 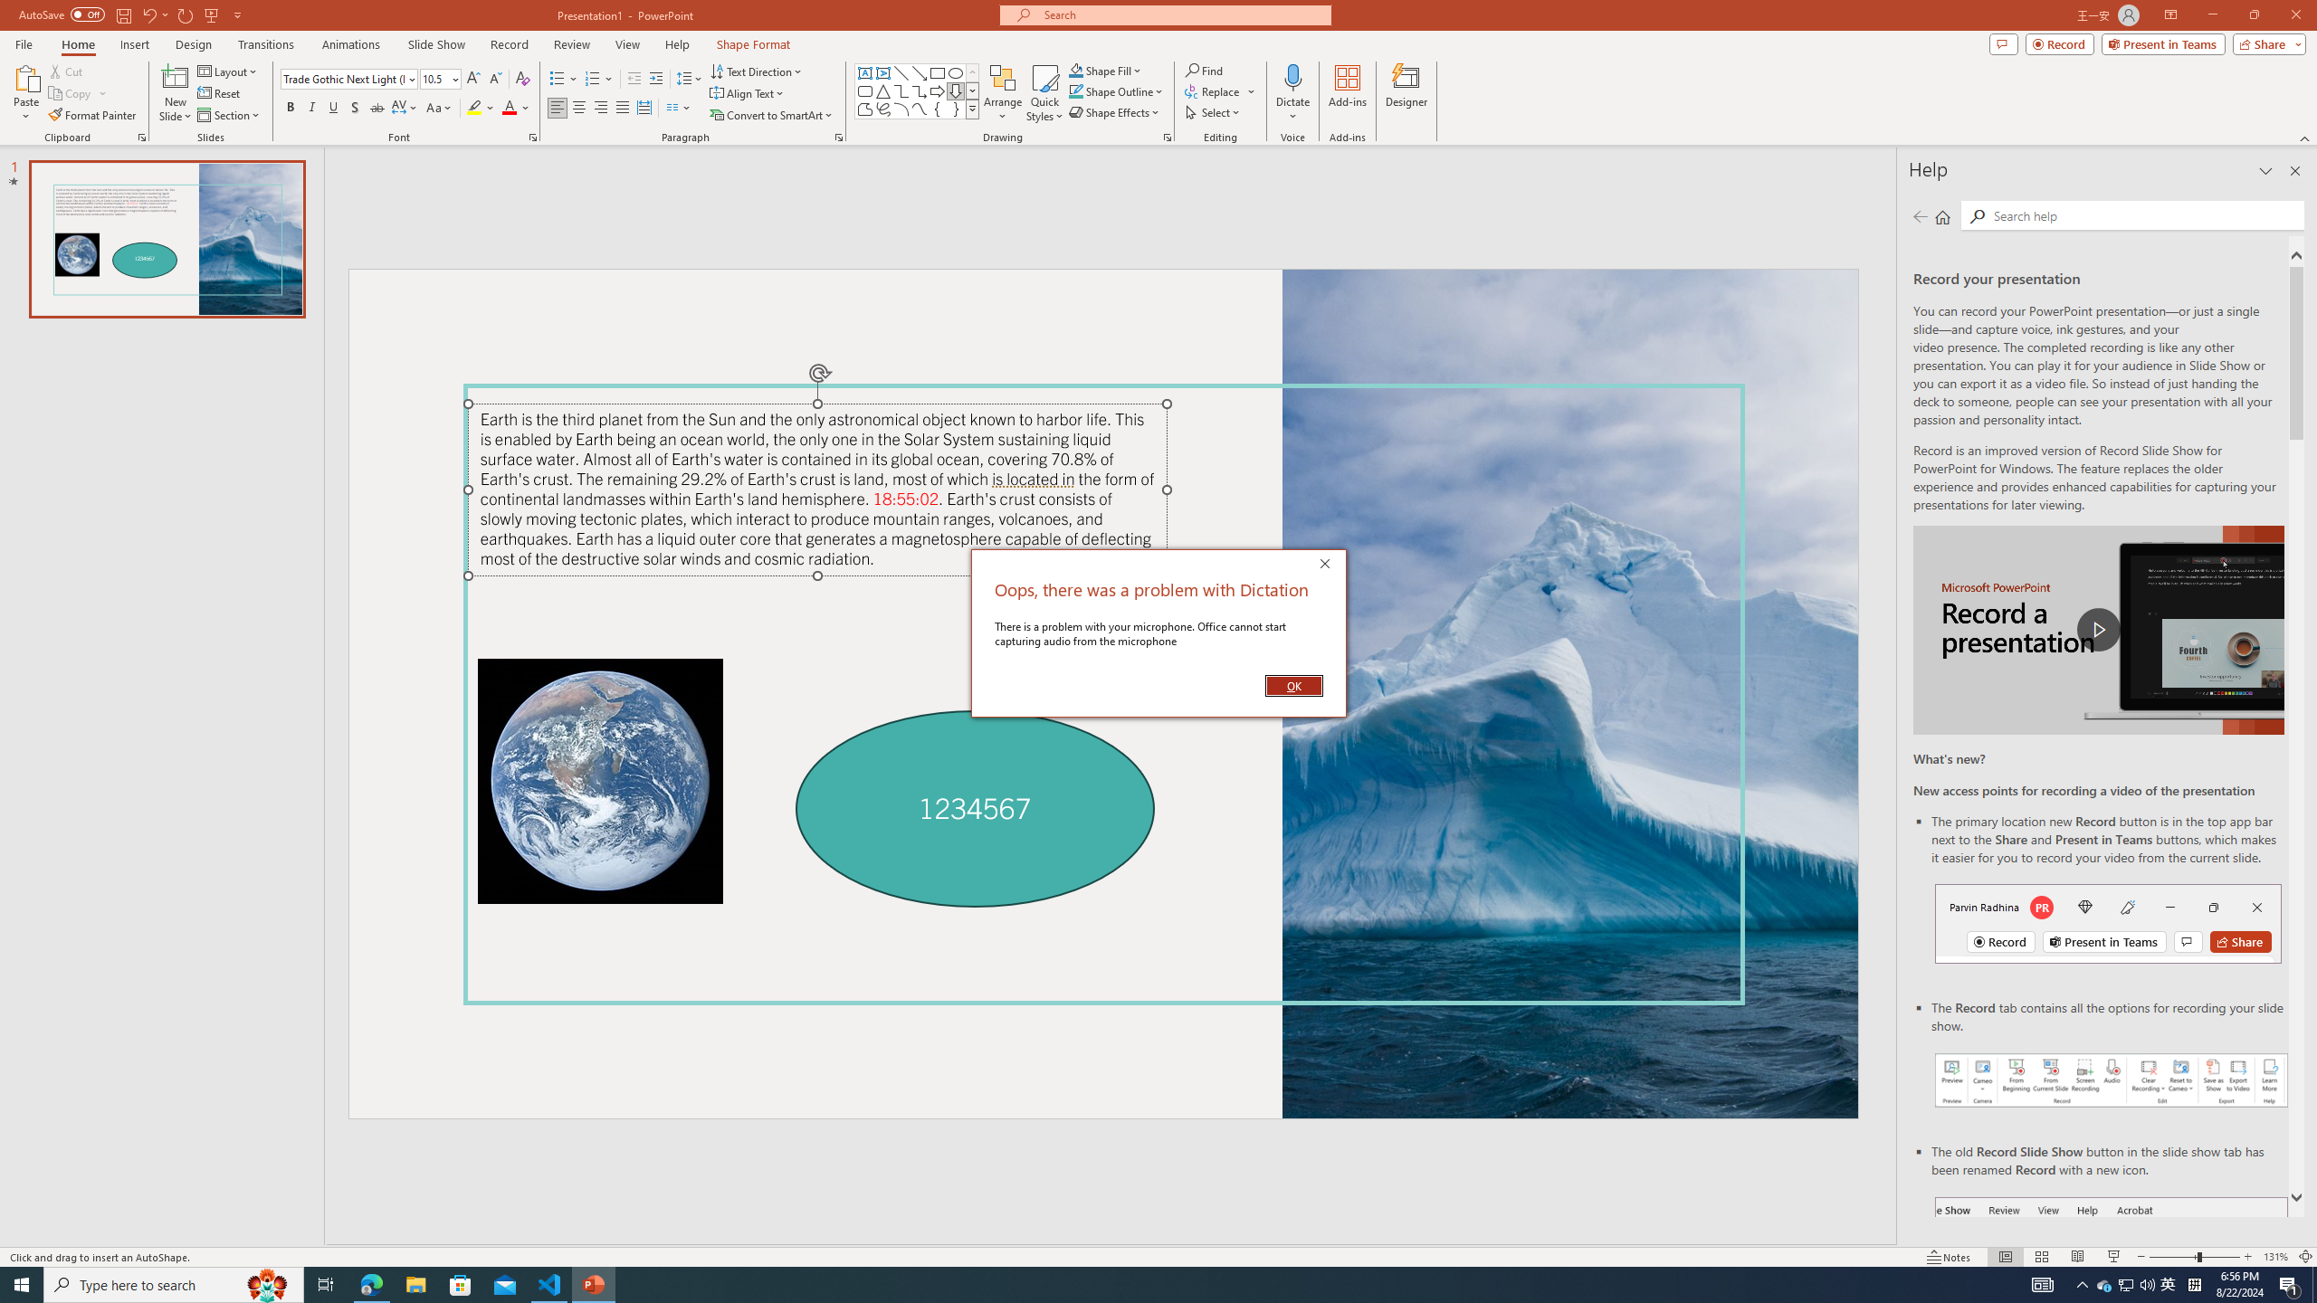 I want to click on 'Insert', so click(x=133, y=44).